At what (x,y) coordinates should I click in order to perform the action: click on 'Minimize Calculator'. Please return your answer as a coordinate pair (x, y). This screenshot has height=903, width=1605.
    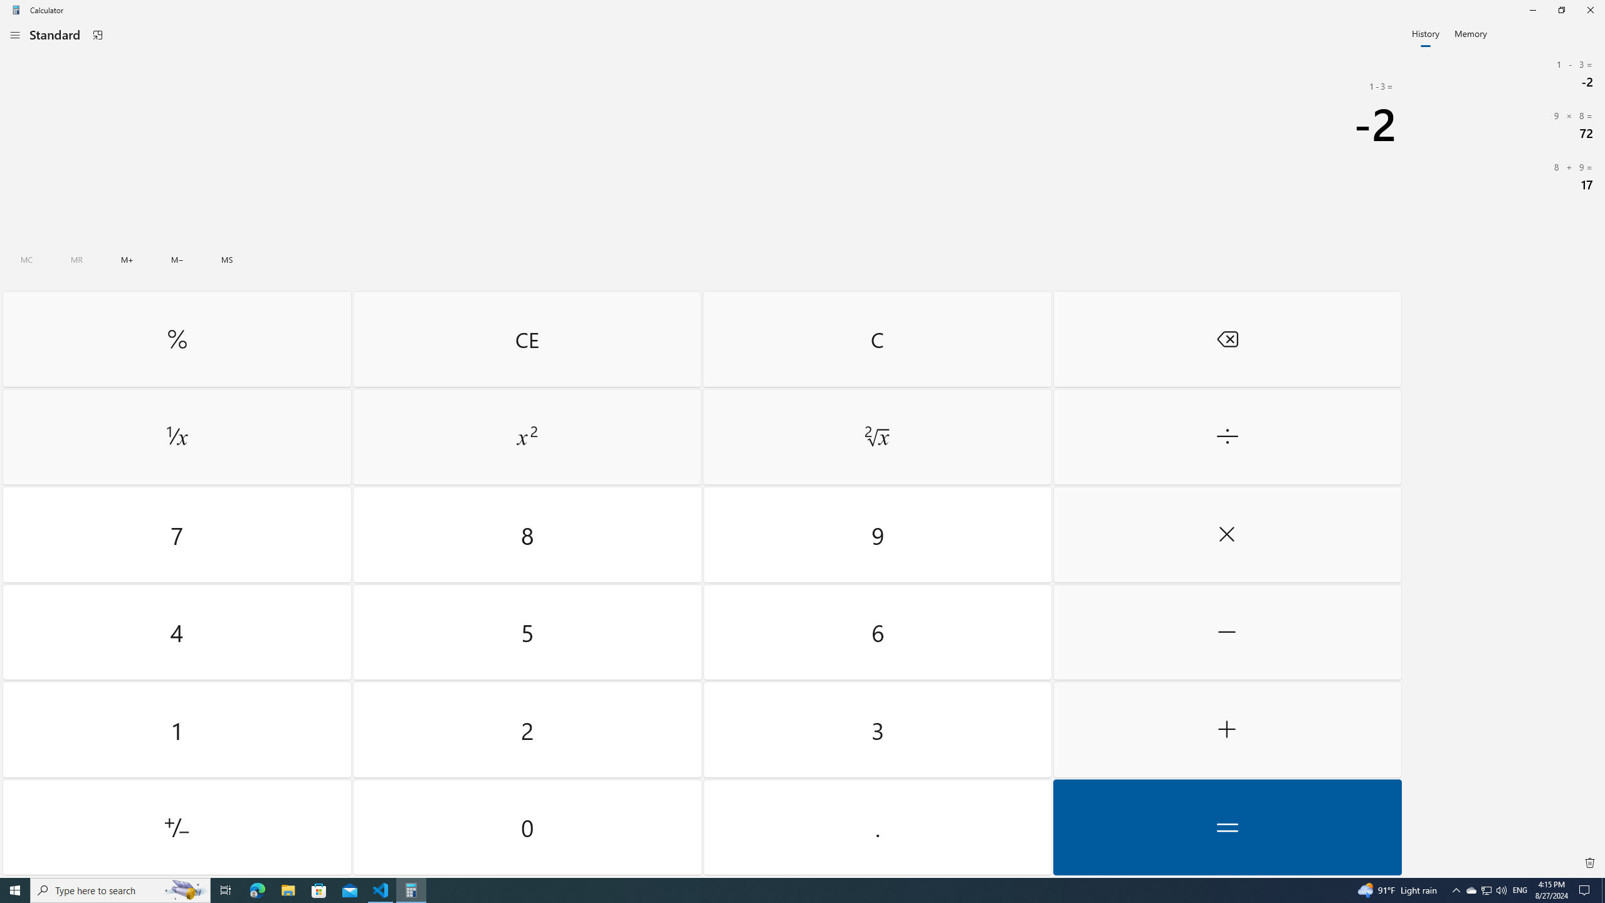
    Looking at the image, I should click on (1532, 9).